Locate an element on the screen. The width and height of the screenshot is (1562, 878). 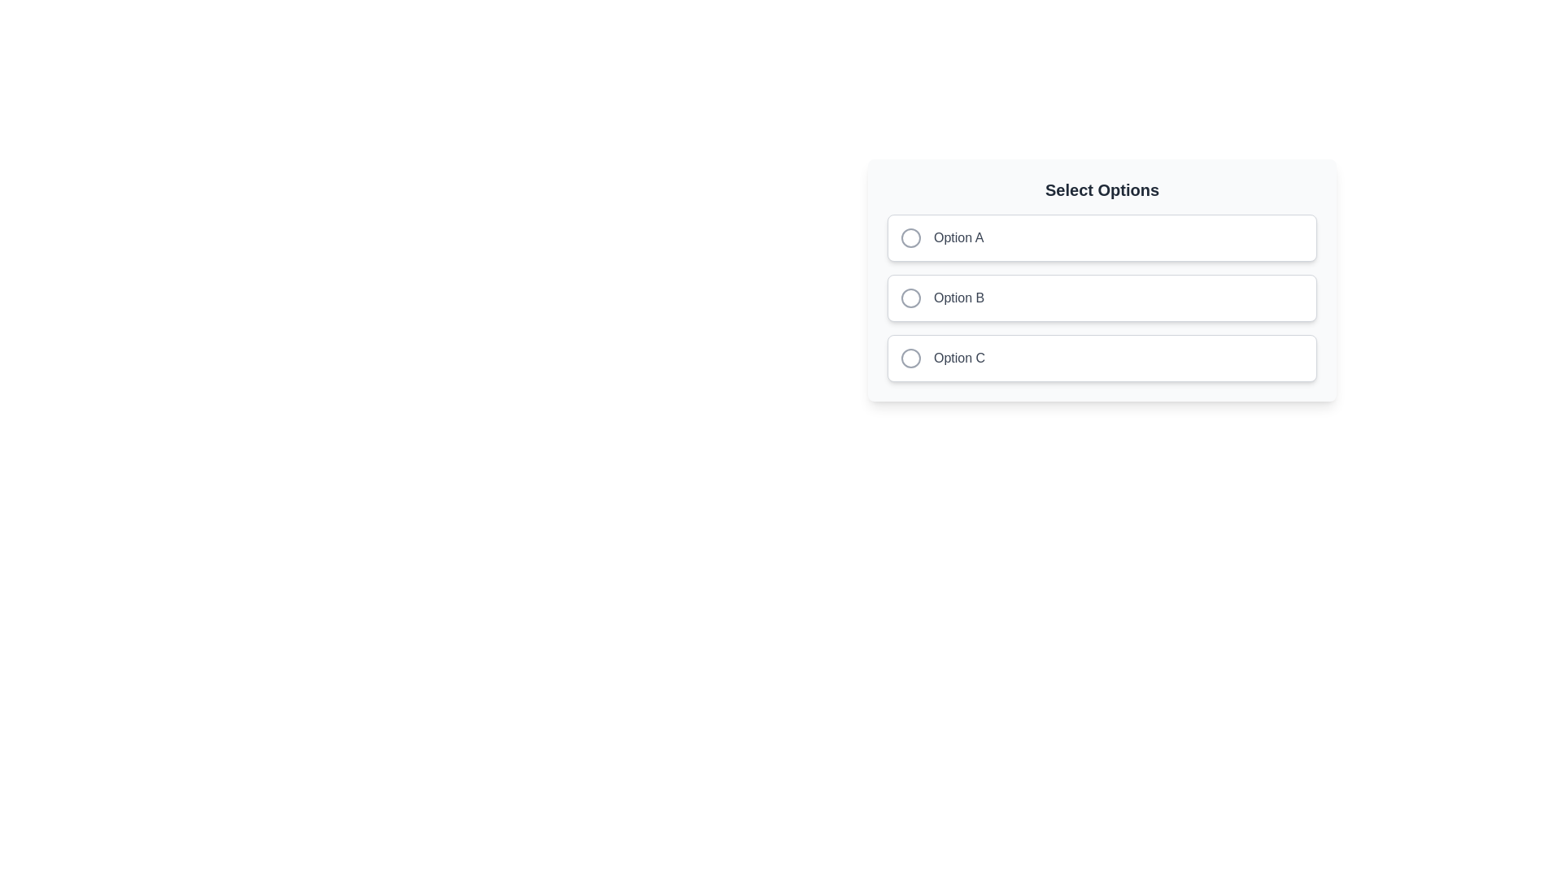
the radio button for 'Option A' is located at coordinates (910, 238).